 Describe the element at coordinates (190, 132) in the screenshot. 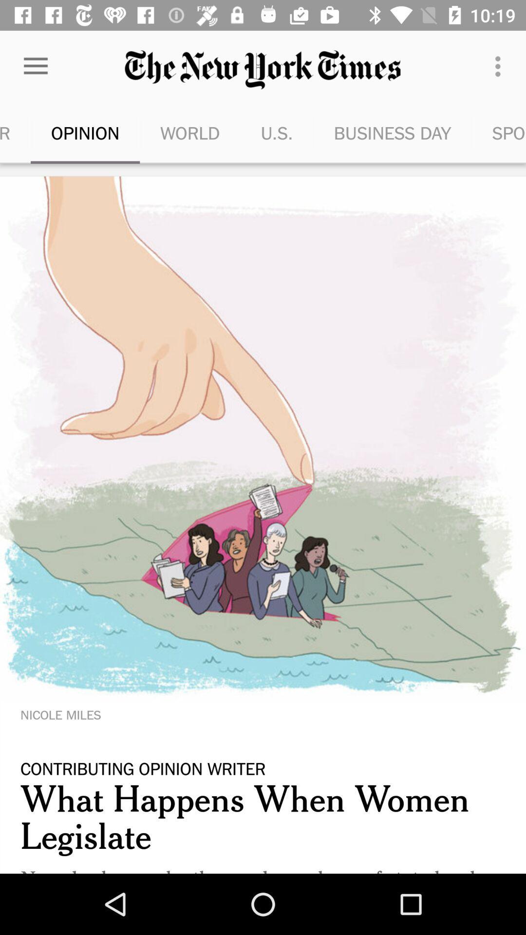

I see `icon next to opinion item` at that location.